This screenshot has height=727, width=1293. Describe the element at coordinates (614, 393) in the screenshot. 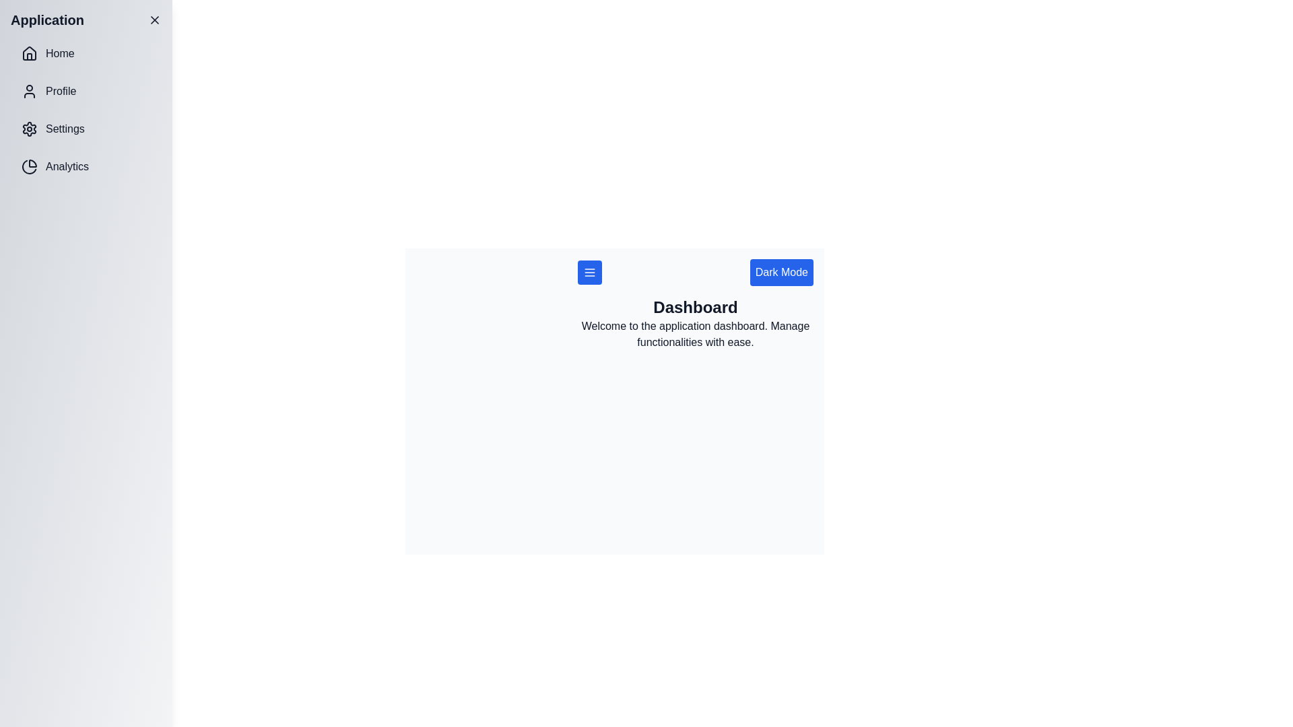

I see `the main display section of the dashboard interface, which presents an introduction or overview of the functionalities available in the application` at that location.